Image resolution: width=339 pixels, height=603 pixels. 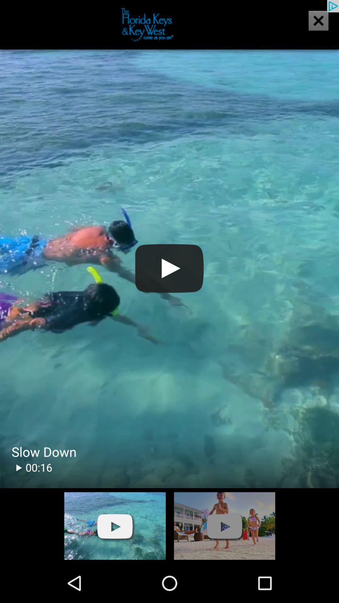 I want to click on the close icon, so click(x=318, y=22).